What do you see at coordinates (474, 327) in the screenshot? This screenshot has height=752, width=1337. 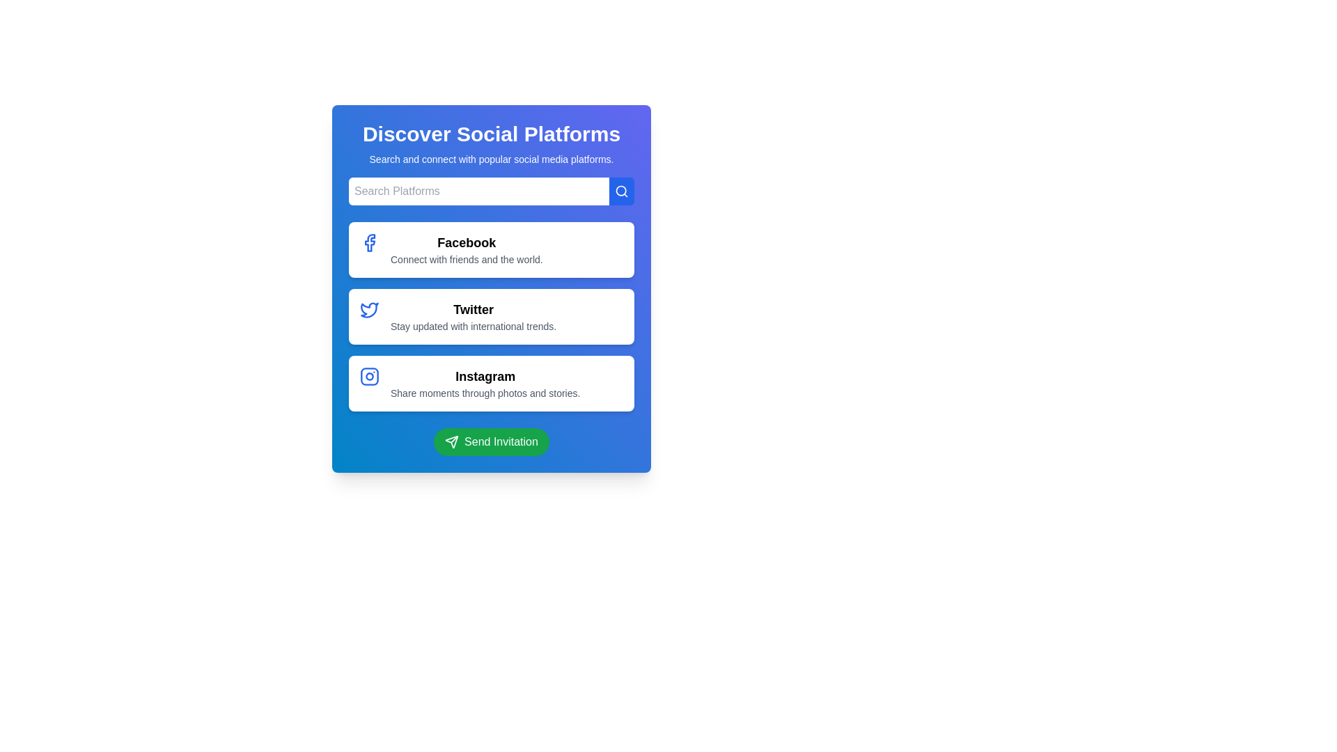 I see `the text label displaying 'Stay updated with international trends.' located below the 'Twitter' text within the social media platforms list in the card interface` at bounding box center [474, 327].